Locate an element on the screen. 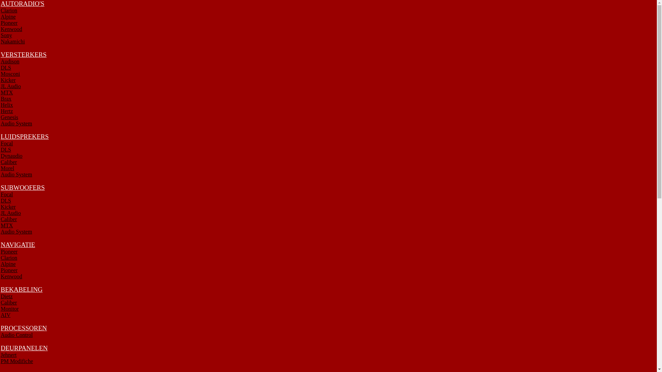 The image size is (662, 372). 'Dynaudio' is located at coordinates (11, 156).